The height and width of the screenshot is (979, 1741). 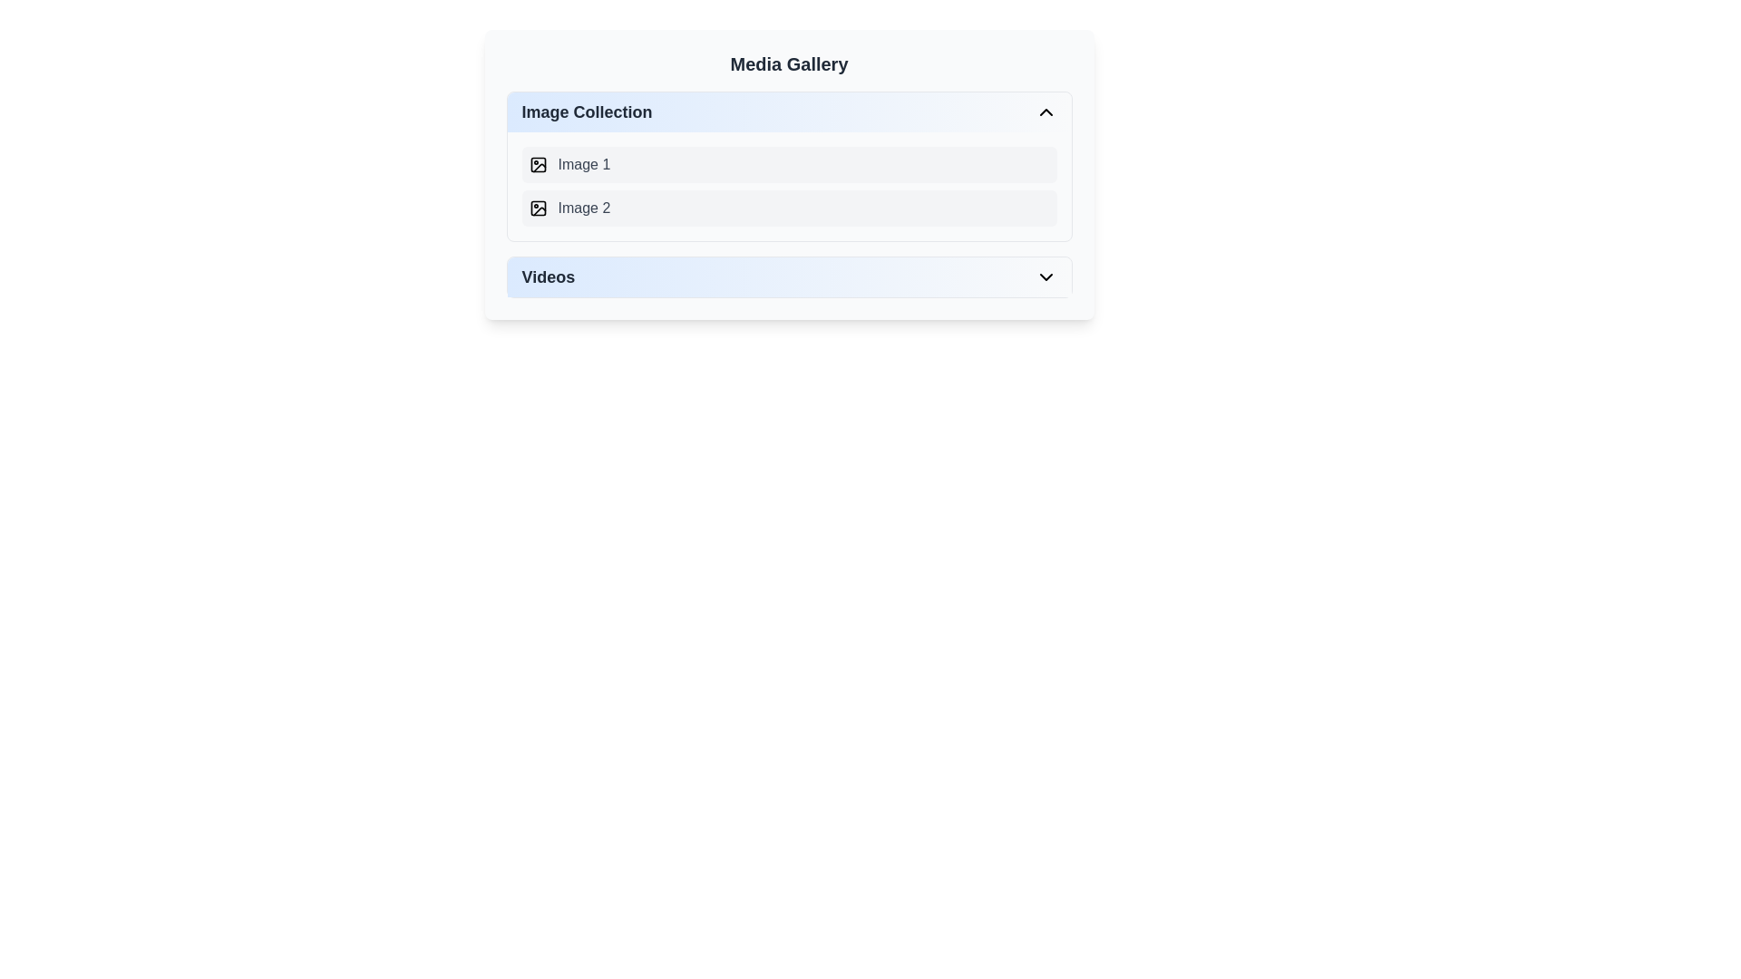 What do you see at coordinates (537, 208) in the screenshot?
I see `the SVG Shape representing 'Image 2' in the 'Image Collection' list` at bounding box center [537, 208].